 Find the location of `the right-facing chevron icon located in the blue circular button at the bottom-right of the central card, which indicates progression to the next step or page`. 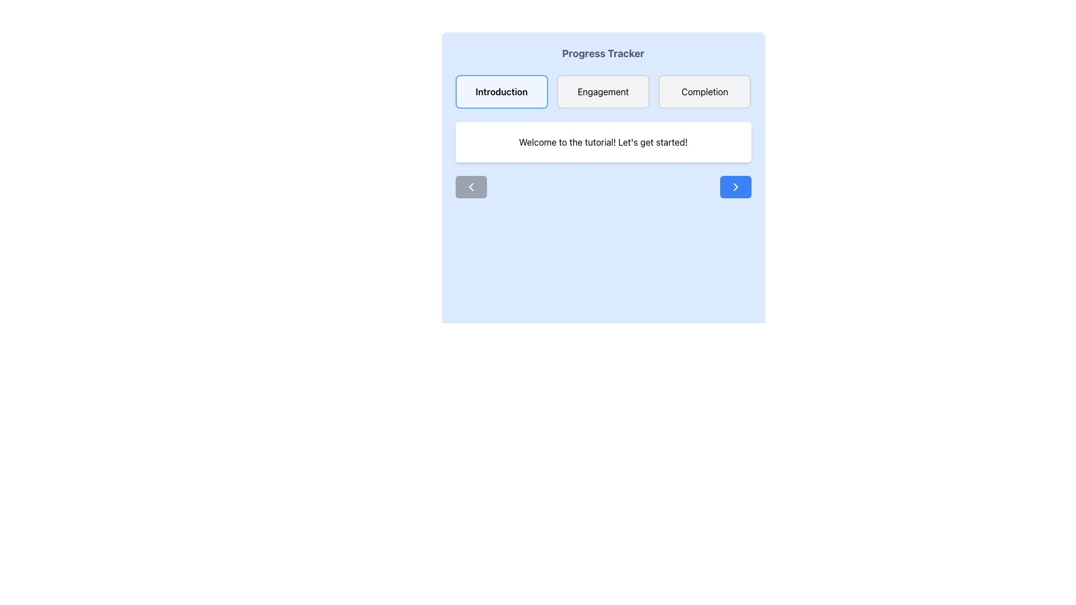

the right-facing chevron icon located in the blue circular button at the bottom-right of the central card, which indicates progression to the next step or page is located at coordinates (735, 187).